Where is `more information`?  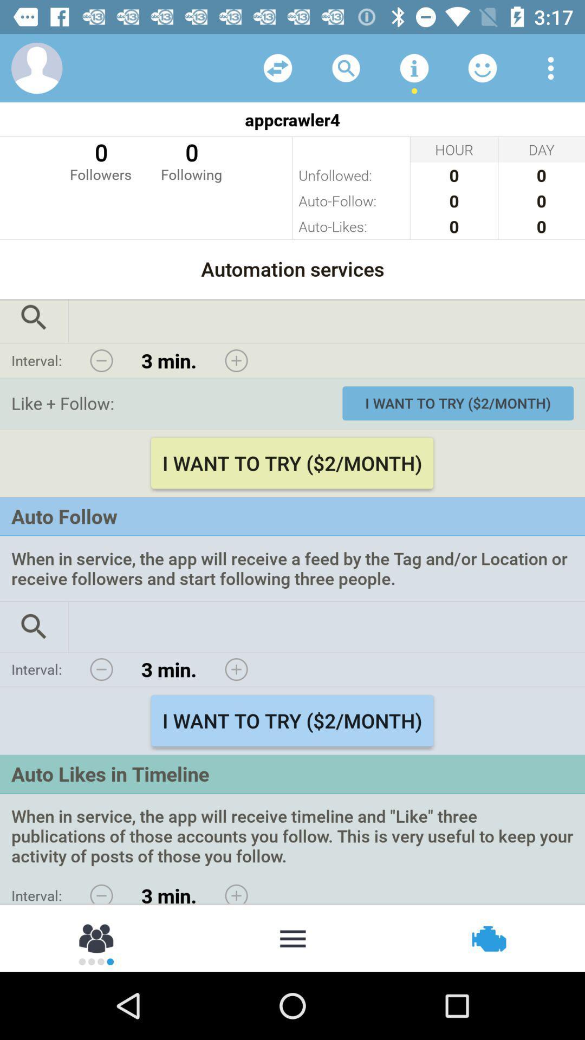 more information is located at coordinates (414, 67).